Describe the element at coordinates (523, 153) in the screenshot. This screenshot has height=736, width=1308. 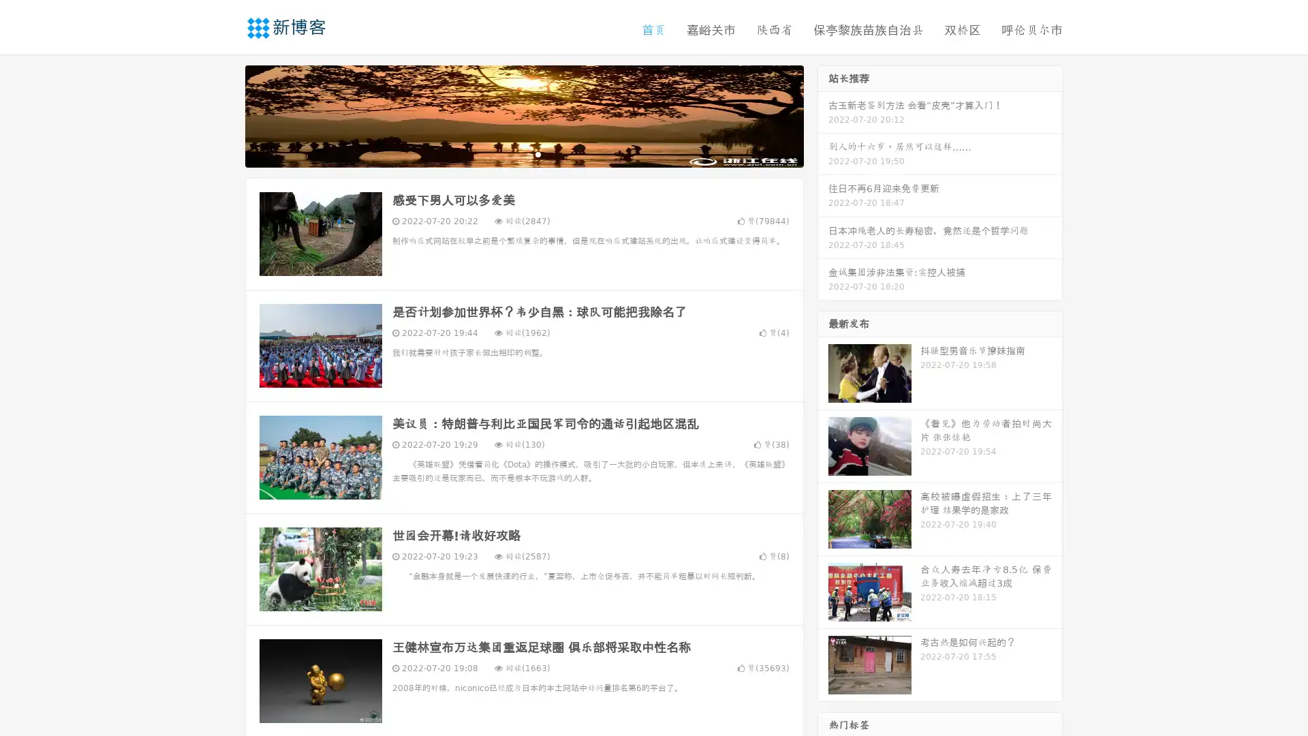
I see `Go to slide 2` at that location.